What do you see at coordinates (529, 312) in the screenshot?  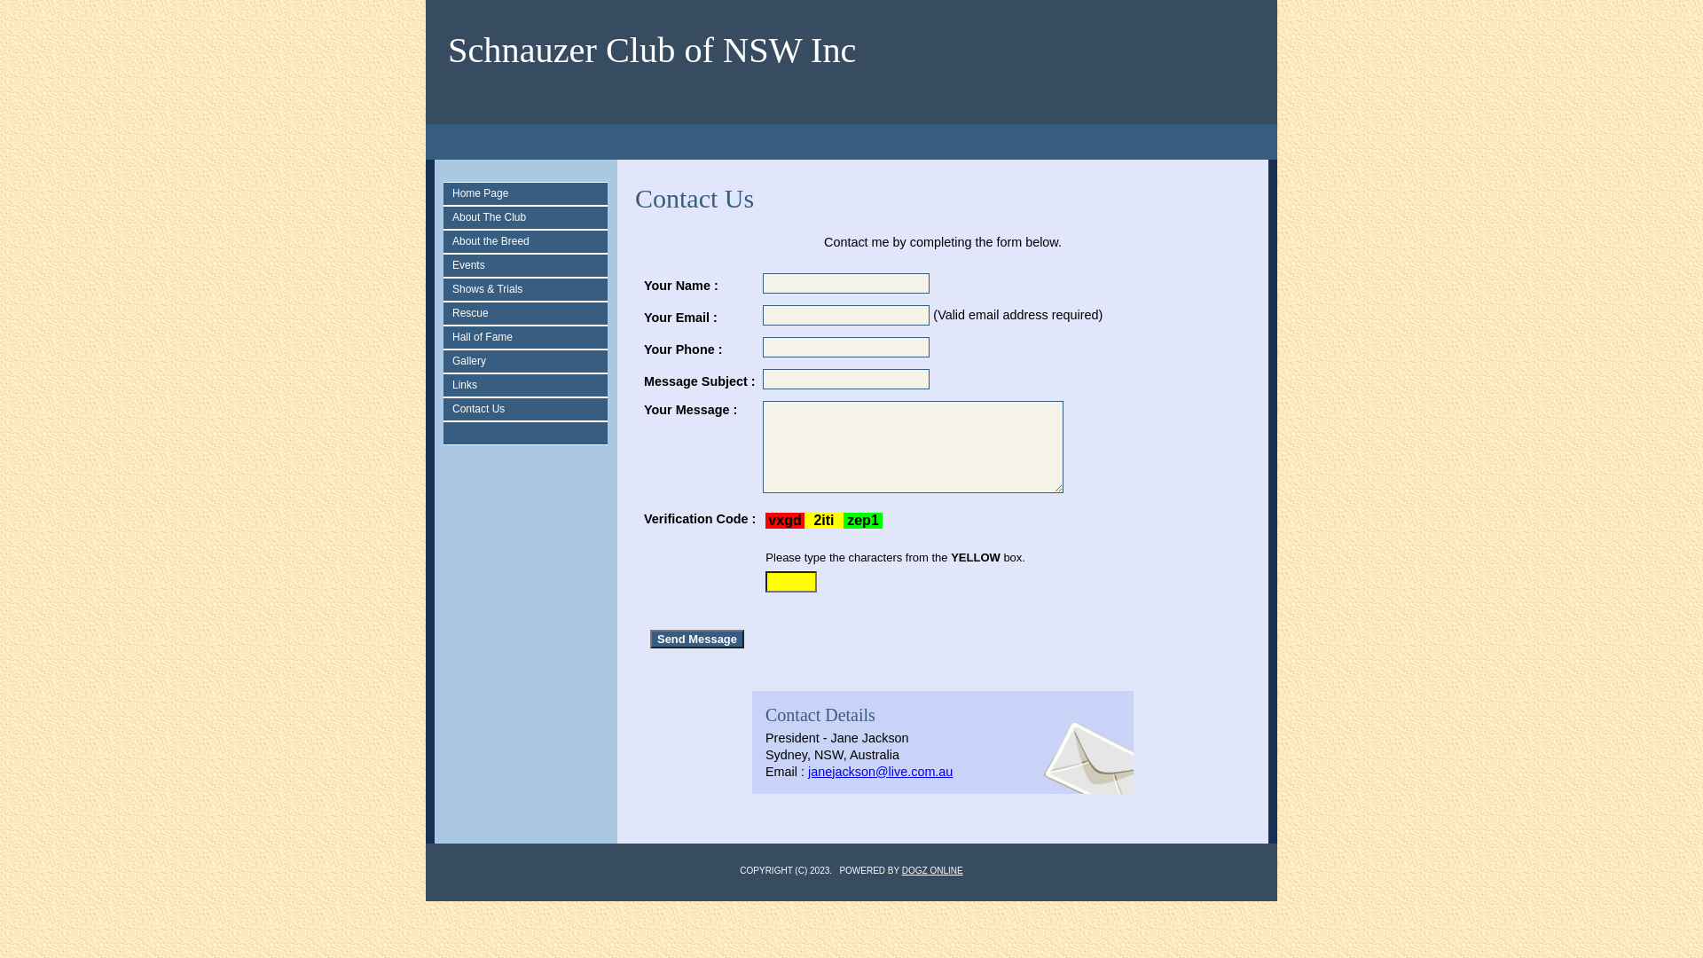 I see `'Rescue'` at bounding box center [529, 312].